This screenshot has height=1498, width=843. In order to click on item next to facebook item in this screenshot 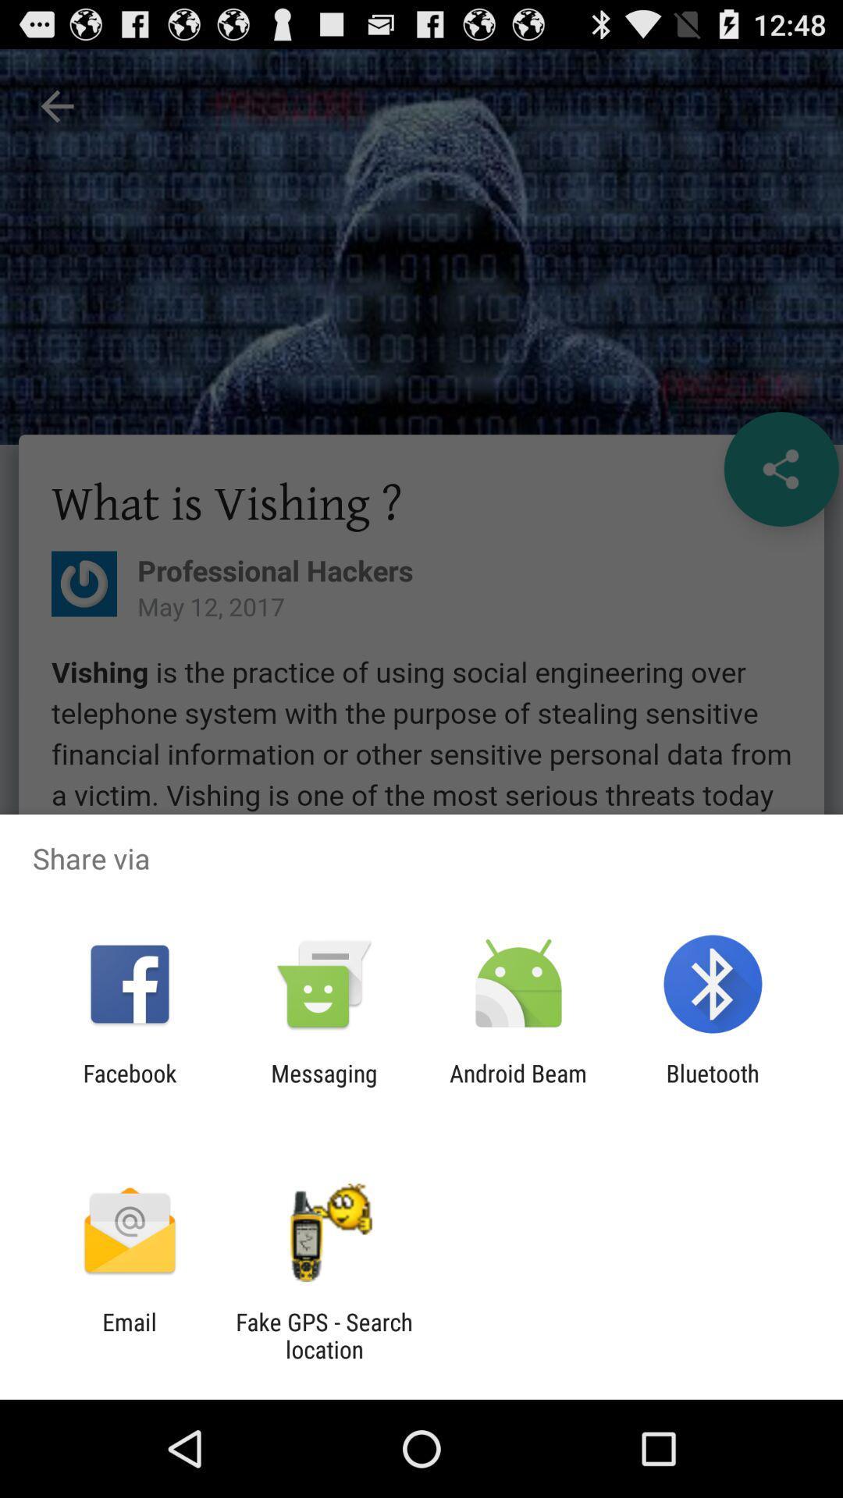, I will do `click(323, 1086)`.